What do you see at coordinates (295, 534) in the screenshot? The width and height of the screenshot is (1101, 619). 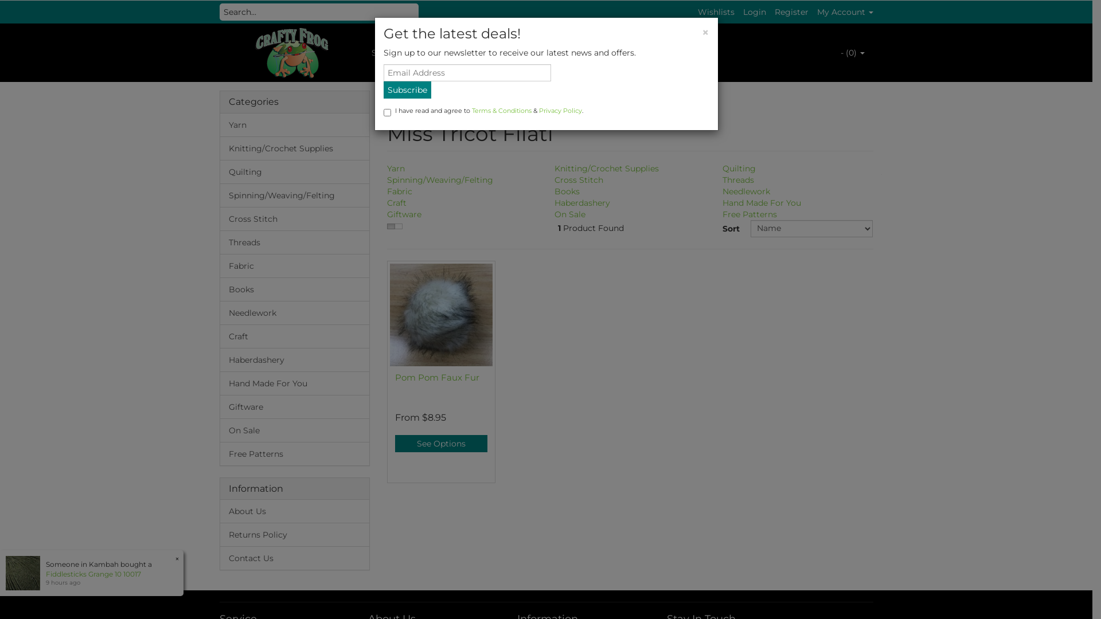 I see `'Returns Policy'` at bounding box center [295, 534].